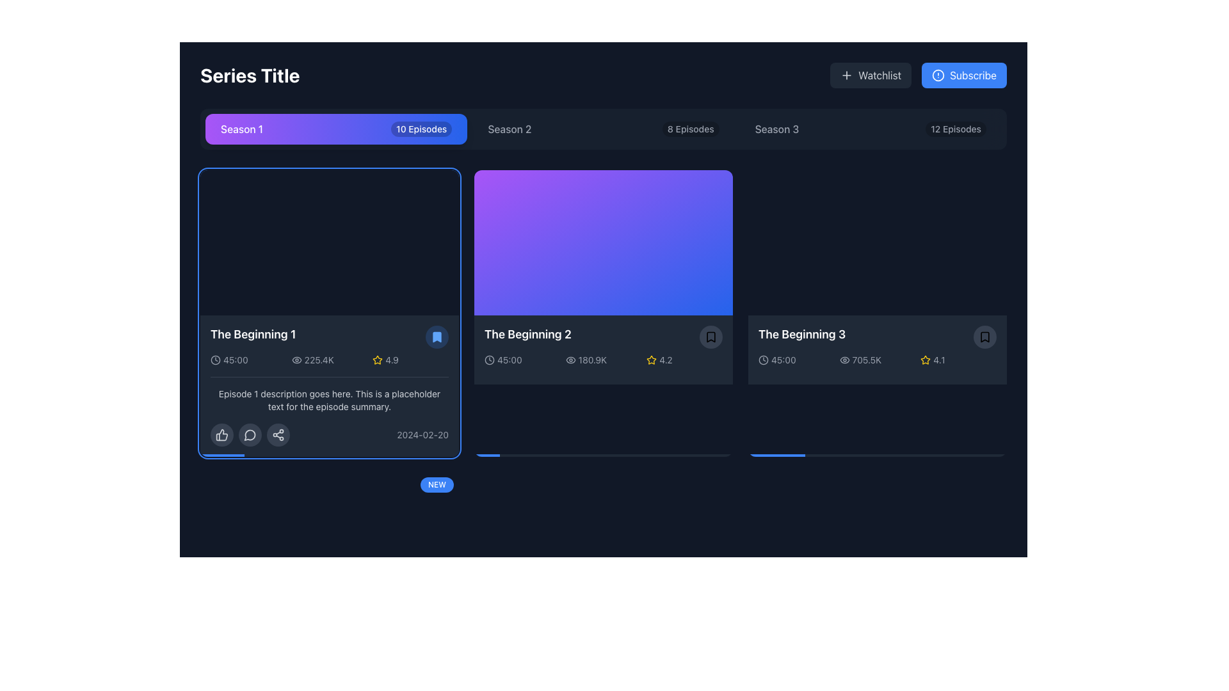 Image resolution: width=1229 pixels, height=691 pixels. I want to click on the 'New' badge located in the top-right corner of the card displaying information about a series or episode, so click(437, 485).